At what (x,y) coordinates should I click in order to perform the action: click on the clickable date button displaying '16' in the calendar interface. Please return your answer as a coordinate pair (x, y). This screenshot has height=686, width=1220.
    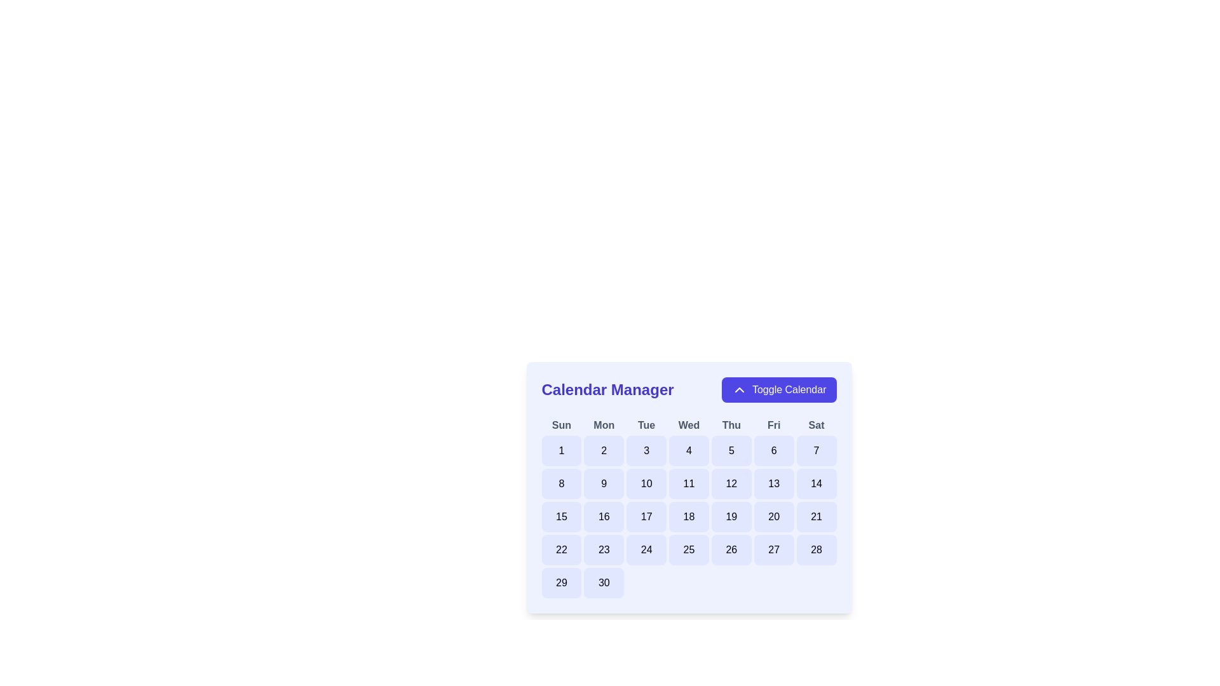
    Looking at the image, I should click on (603, 516).